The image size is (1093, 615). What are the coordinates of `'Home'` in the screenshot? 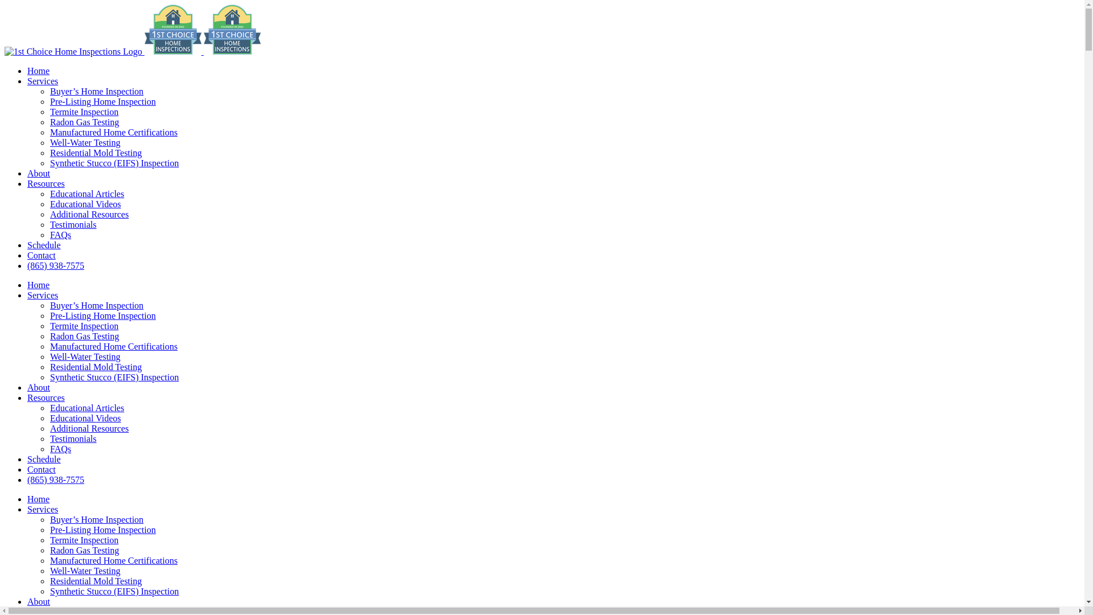 It's located at (38, 284).